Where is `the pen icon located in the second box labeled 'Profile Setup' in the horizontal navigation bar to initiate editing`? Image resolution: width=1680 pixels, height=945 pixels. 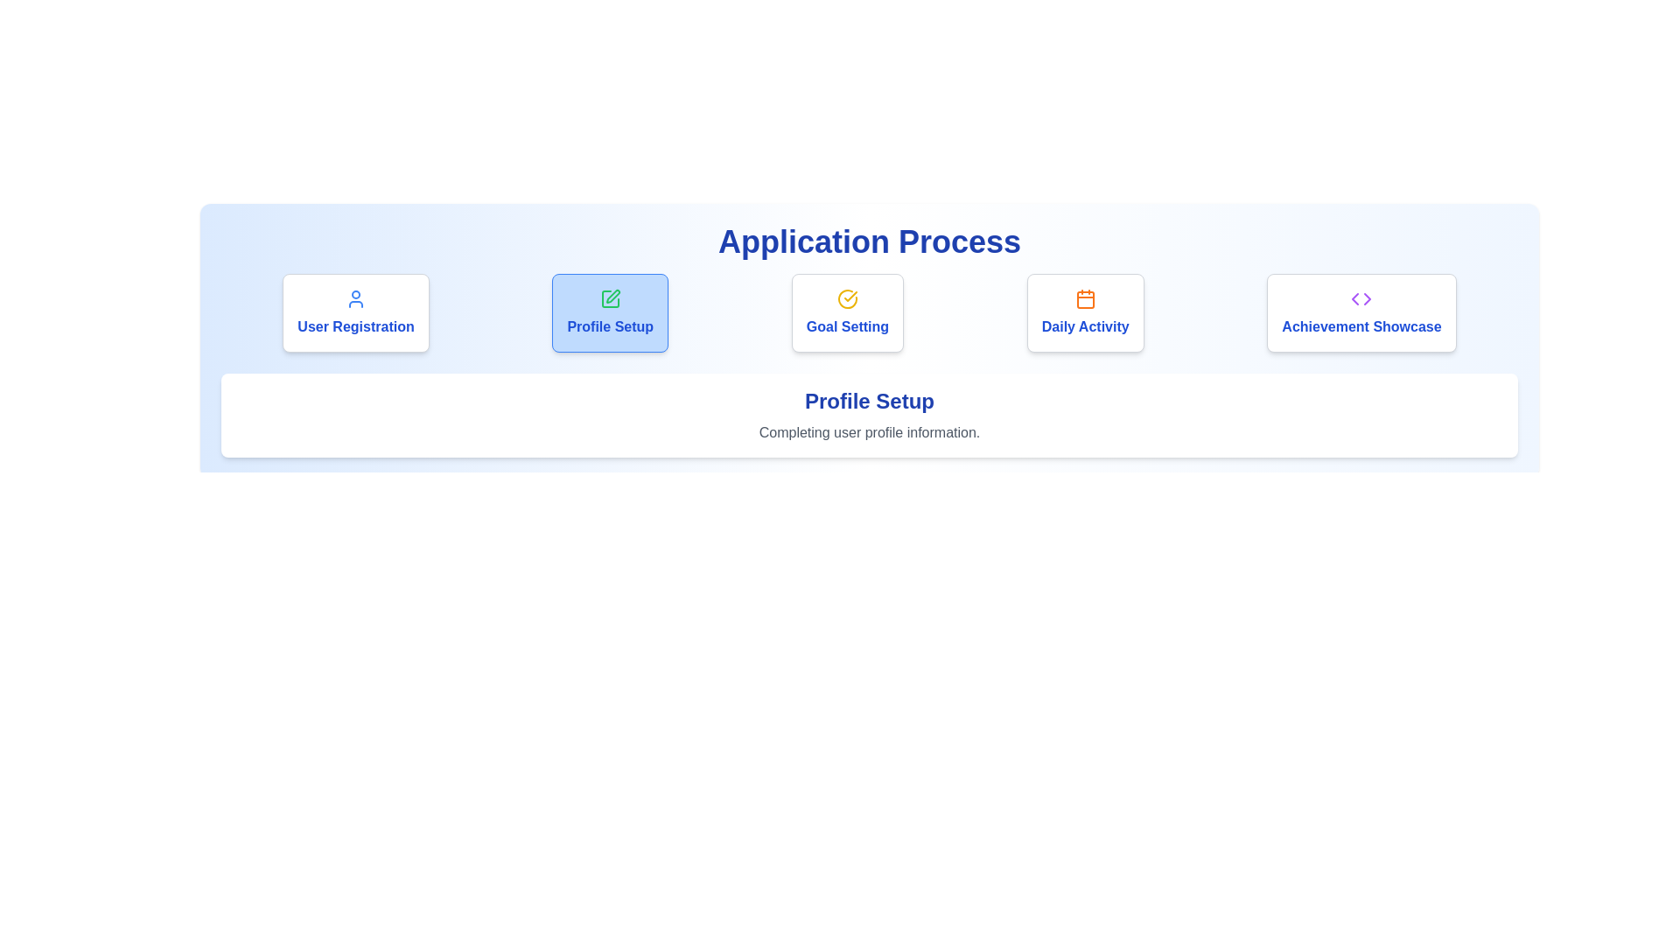
the pen icon located in the second box labeled 'Profile Setup' in the horizontal navigation bar to initiate editing is located at coordinates (610, 298).